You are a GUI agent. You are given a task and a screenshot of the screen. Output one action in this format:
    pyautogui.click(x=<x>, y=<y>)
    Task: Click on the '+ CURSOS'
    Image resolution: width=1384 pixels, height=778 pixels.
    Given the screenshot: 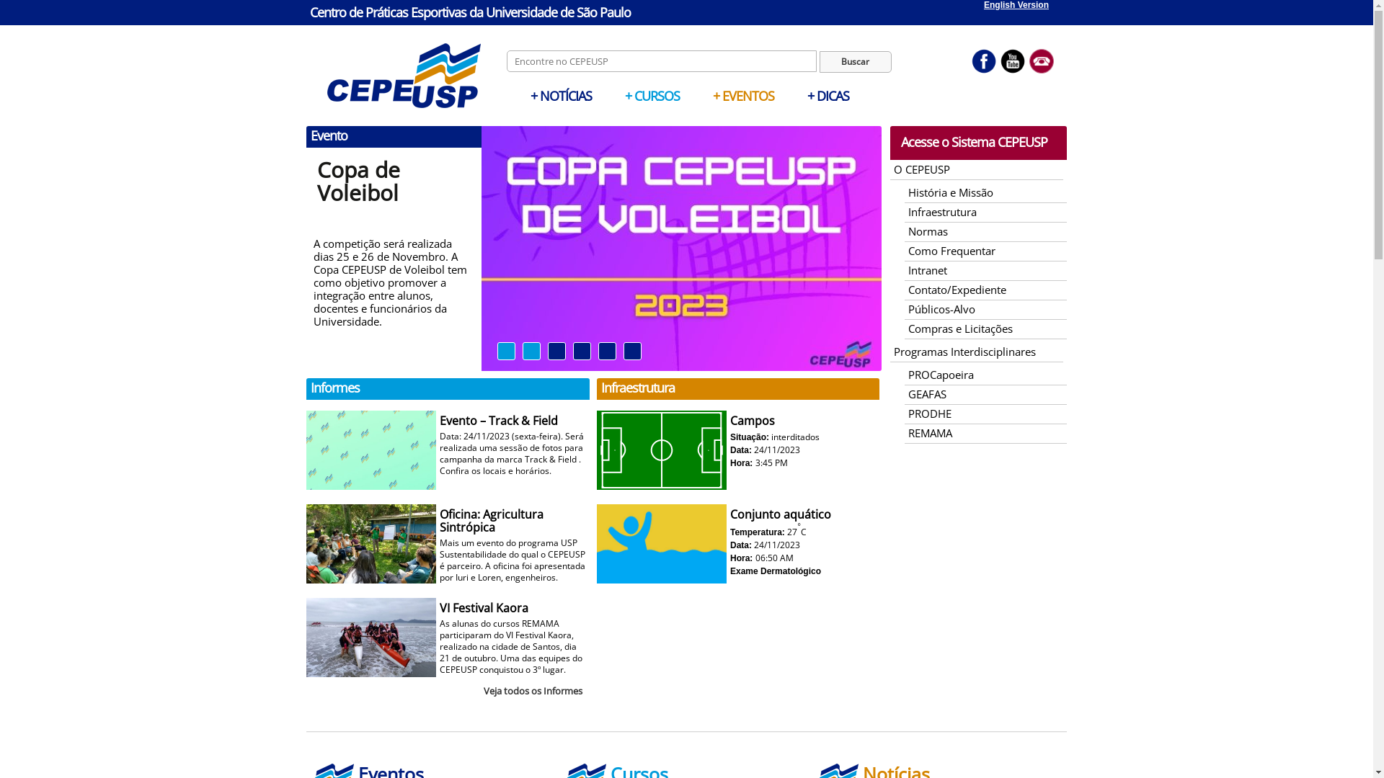 What is the action you would take?
    pyautogui.click(x=652, y=95)
    